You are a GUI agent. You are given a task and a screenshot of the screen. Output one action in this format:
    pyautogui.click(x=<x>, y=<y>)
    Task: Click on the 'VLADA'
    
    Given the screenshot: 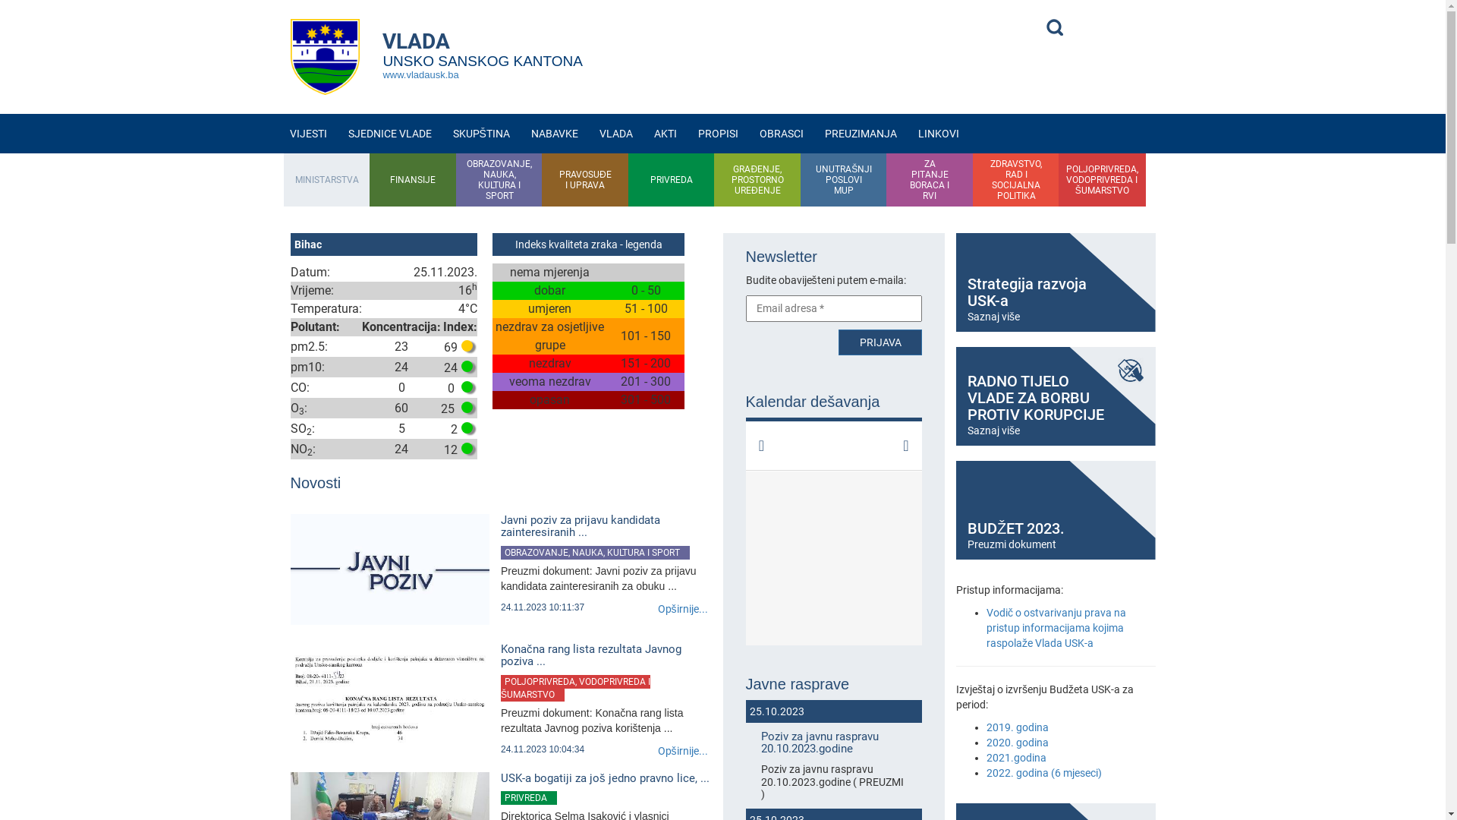 What is the action you would take?
    pyautogui.click(x=615, y=133)
    